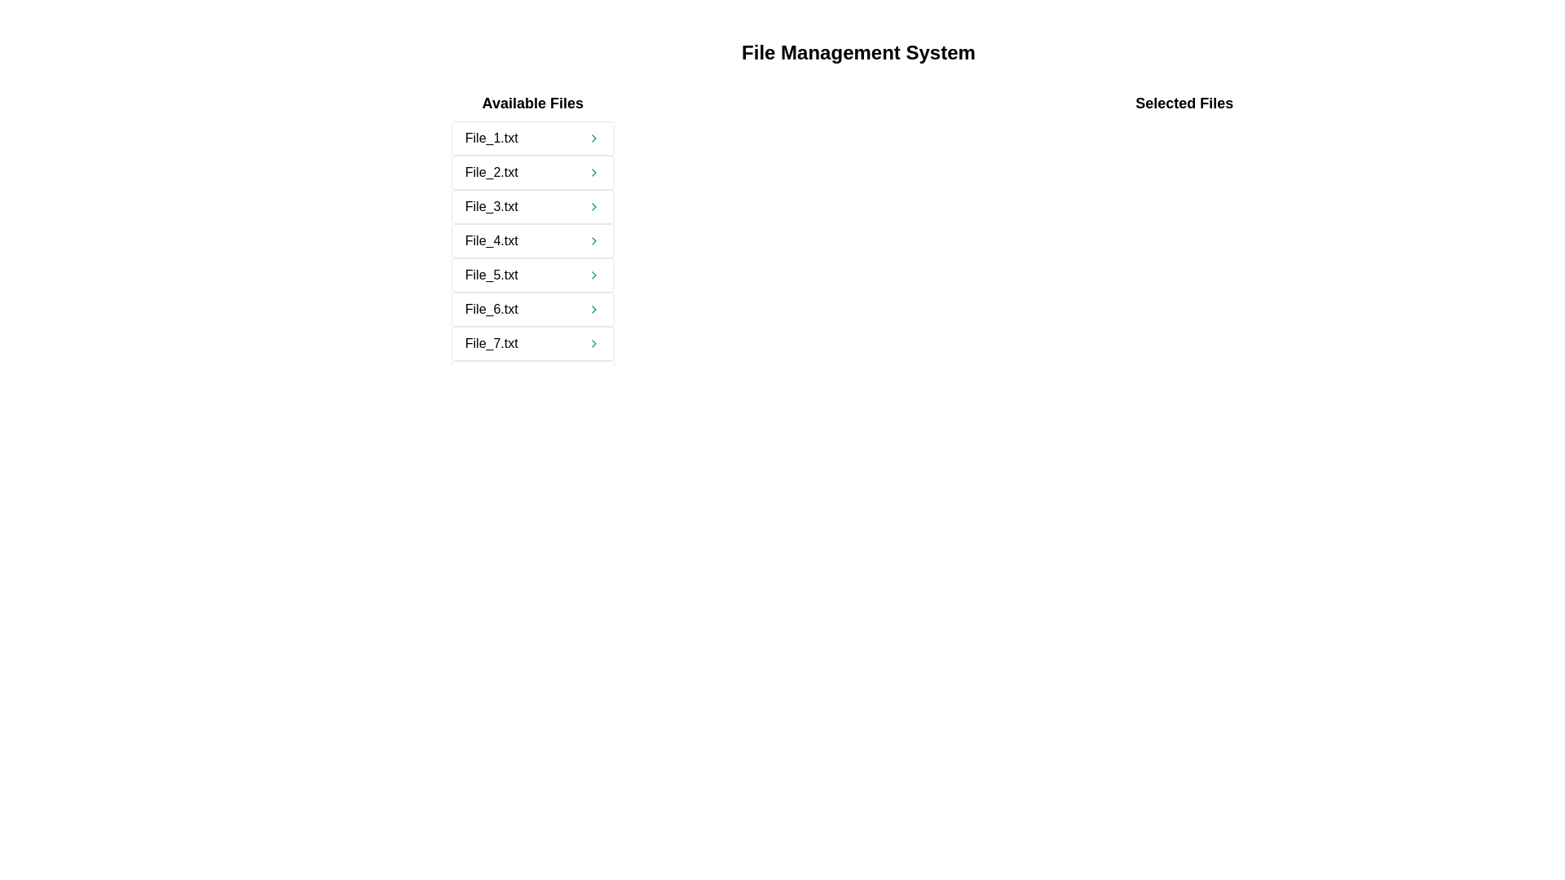 This screenshot has width=1565, height=880. What do you see at coordinates (857, 52) in the screenshot?
I see `displayed text from the bold label 'File Management System' located at the top of the layout` at bounding box center [857, 52].